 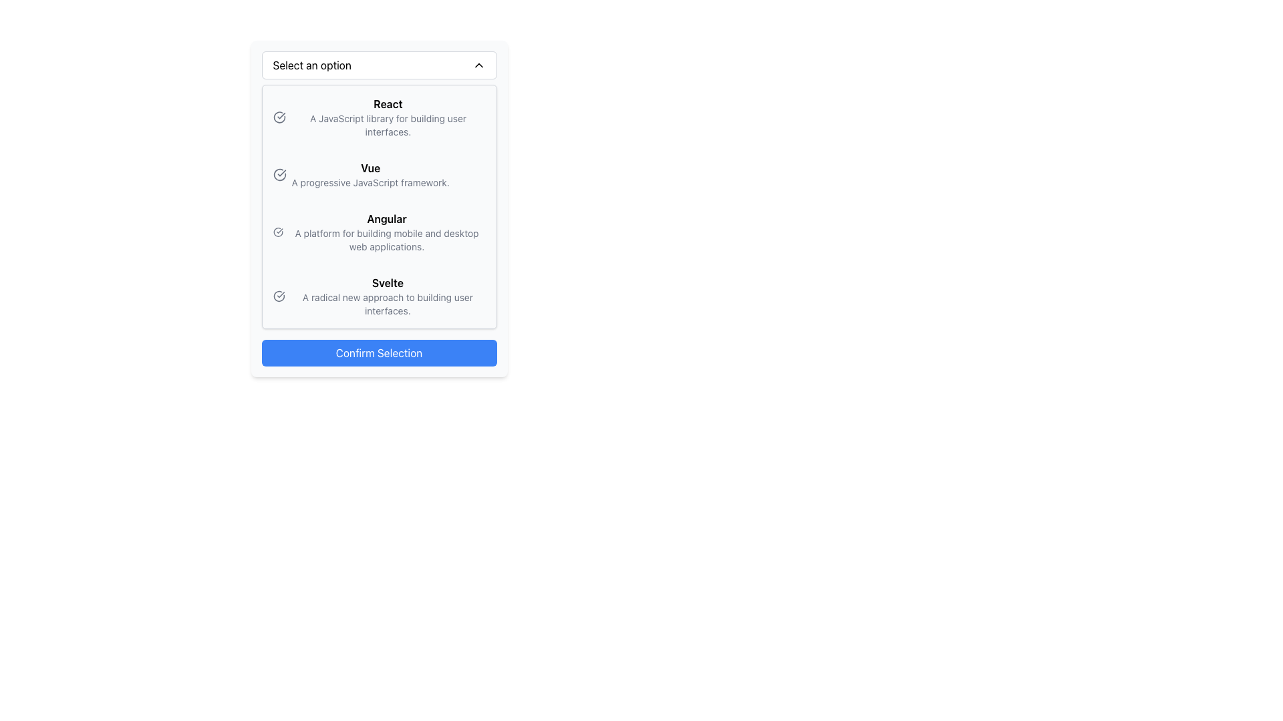 What do you see at coordinates (387, 304) in the screenshot?
I see `the text label displaying 'A radical new approach to building user interfaces.' located under the 'Svelte' section` at bounding box center [387, 304].